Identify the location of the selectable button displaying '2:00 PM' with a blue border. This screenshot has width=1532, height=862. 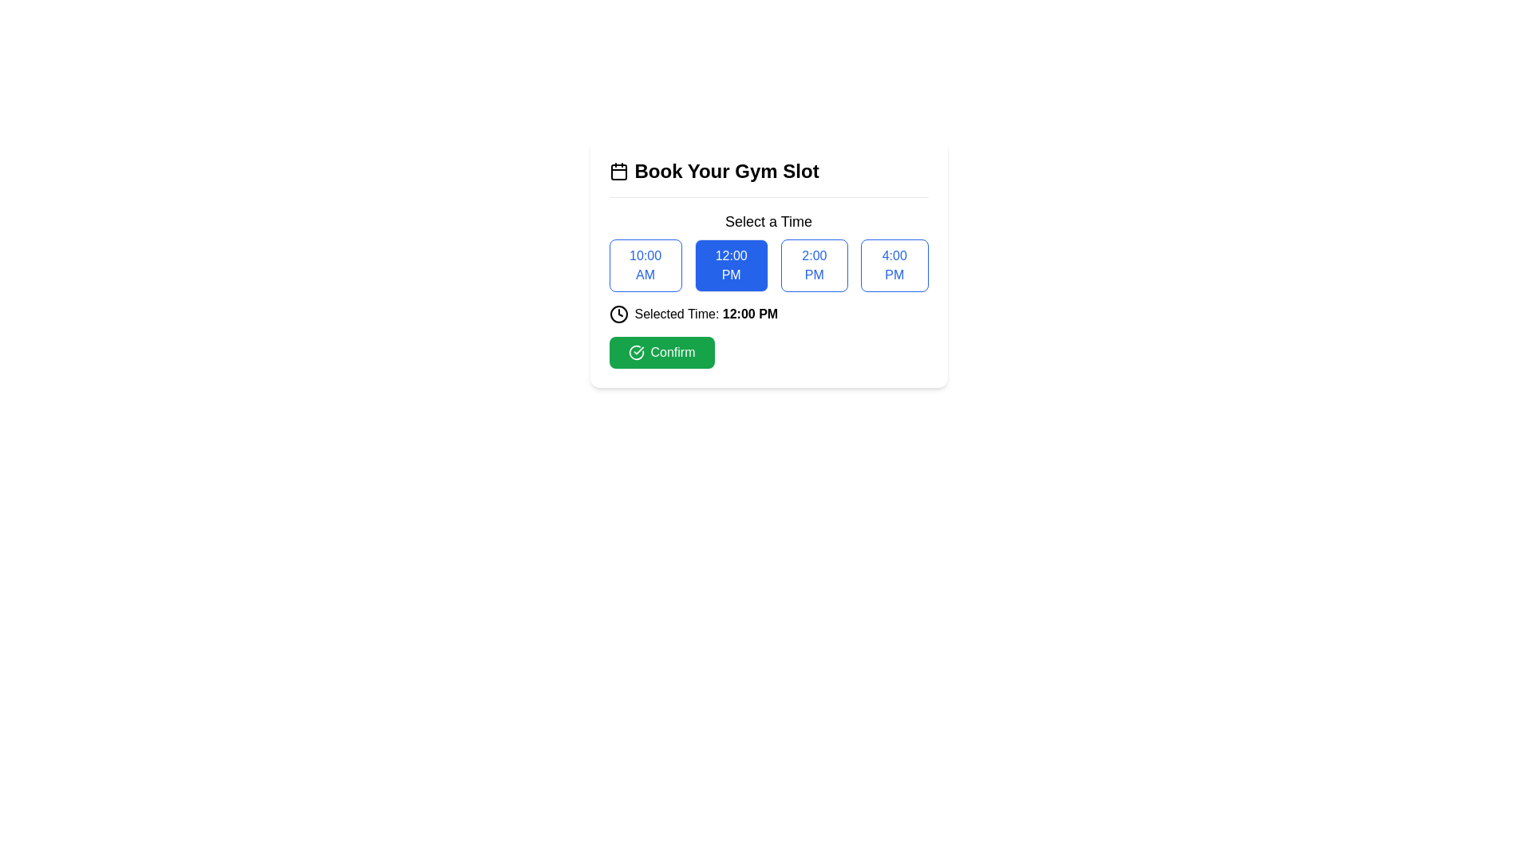
(814, 264).